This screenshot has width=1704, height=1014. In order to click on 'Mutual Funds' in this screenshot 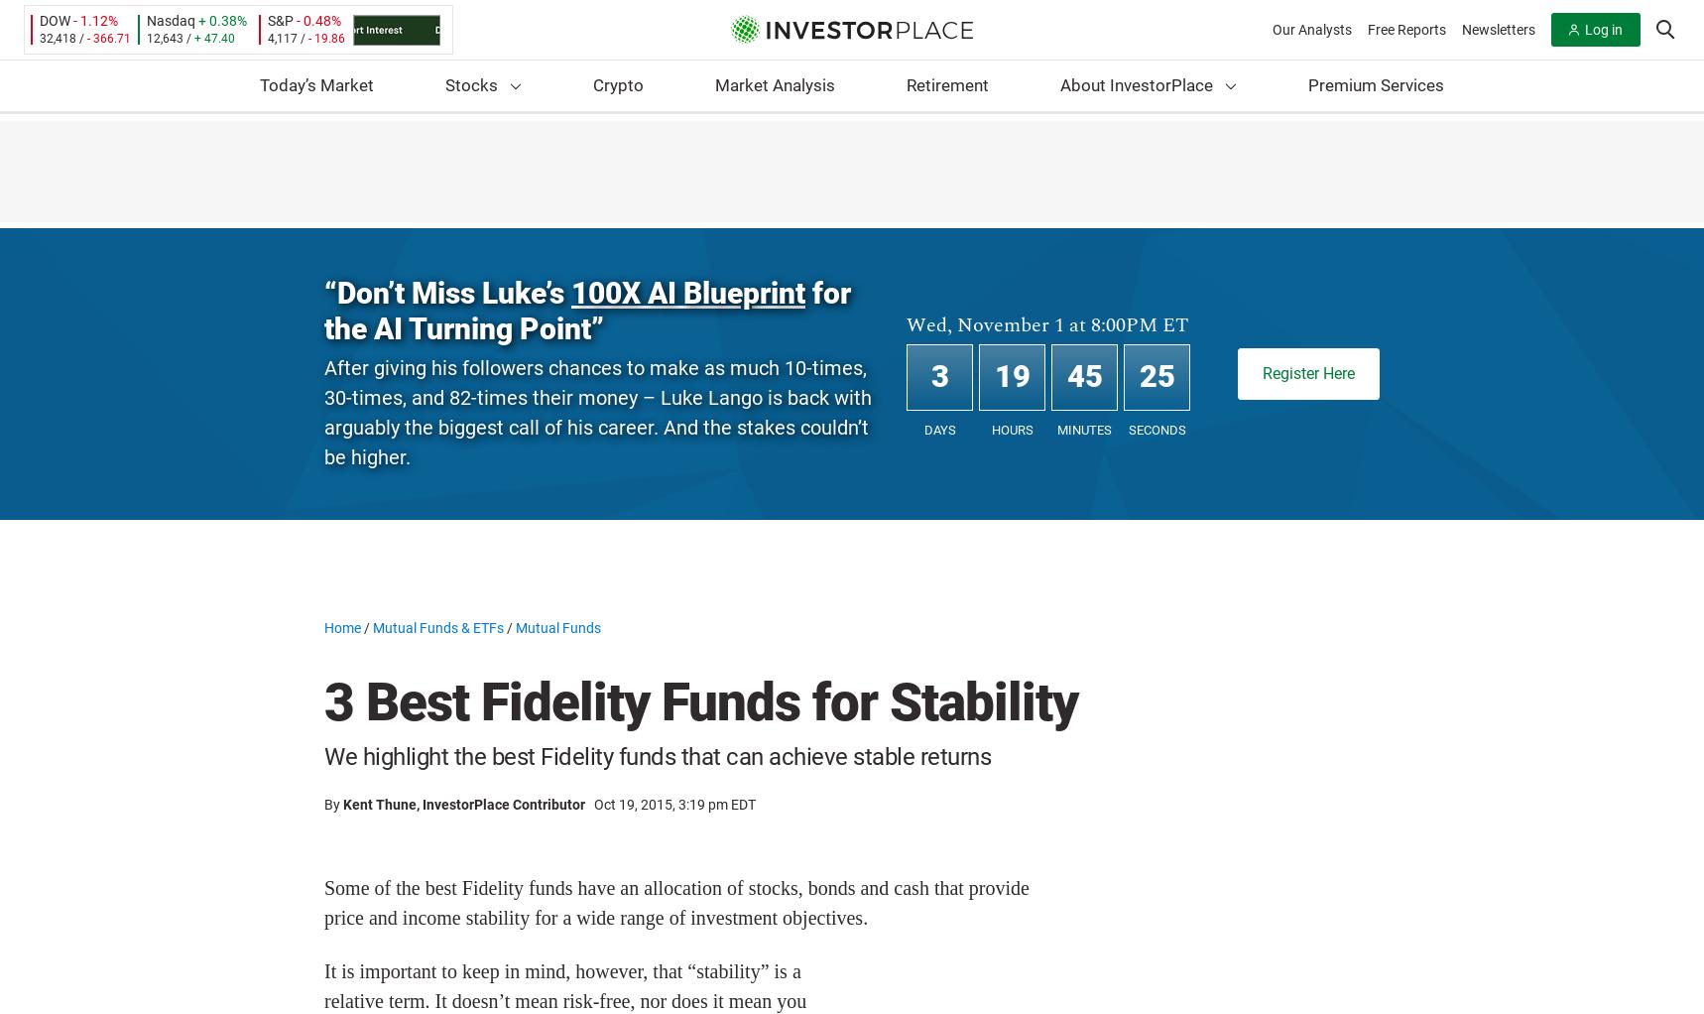, I will do `click(556, 628)`.